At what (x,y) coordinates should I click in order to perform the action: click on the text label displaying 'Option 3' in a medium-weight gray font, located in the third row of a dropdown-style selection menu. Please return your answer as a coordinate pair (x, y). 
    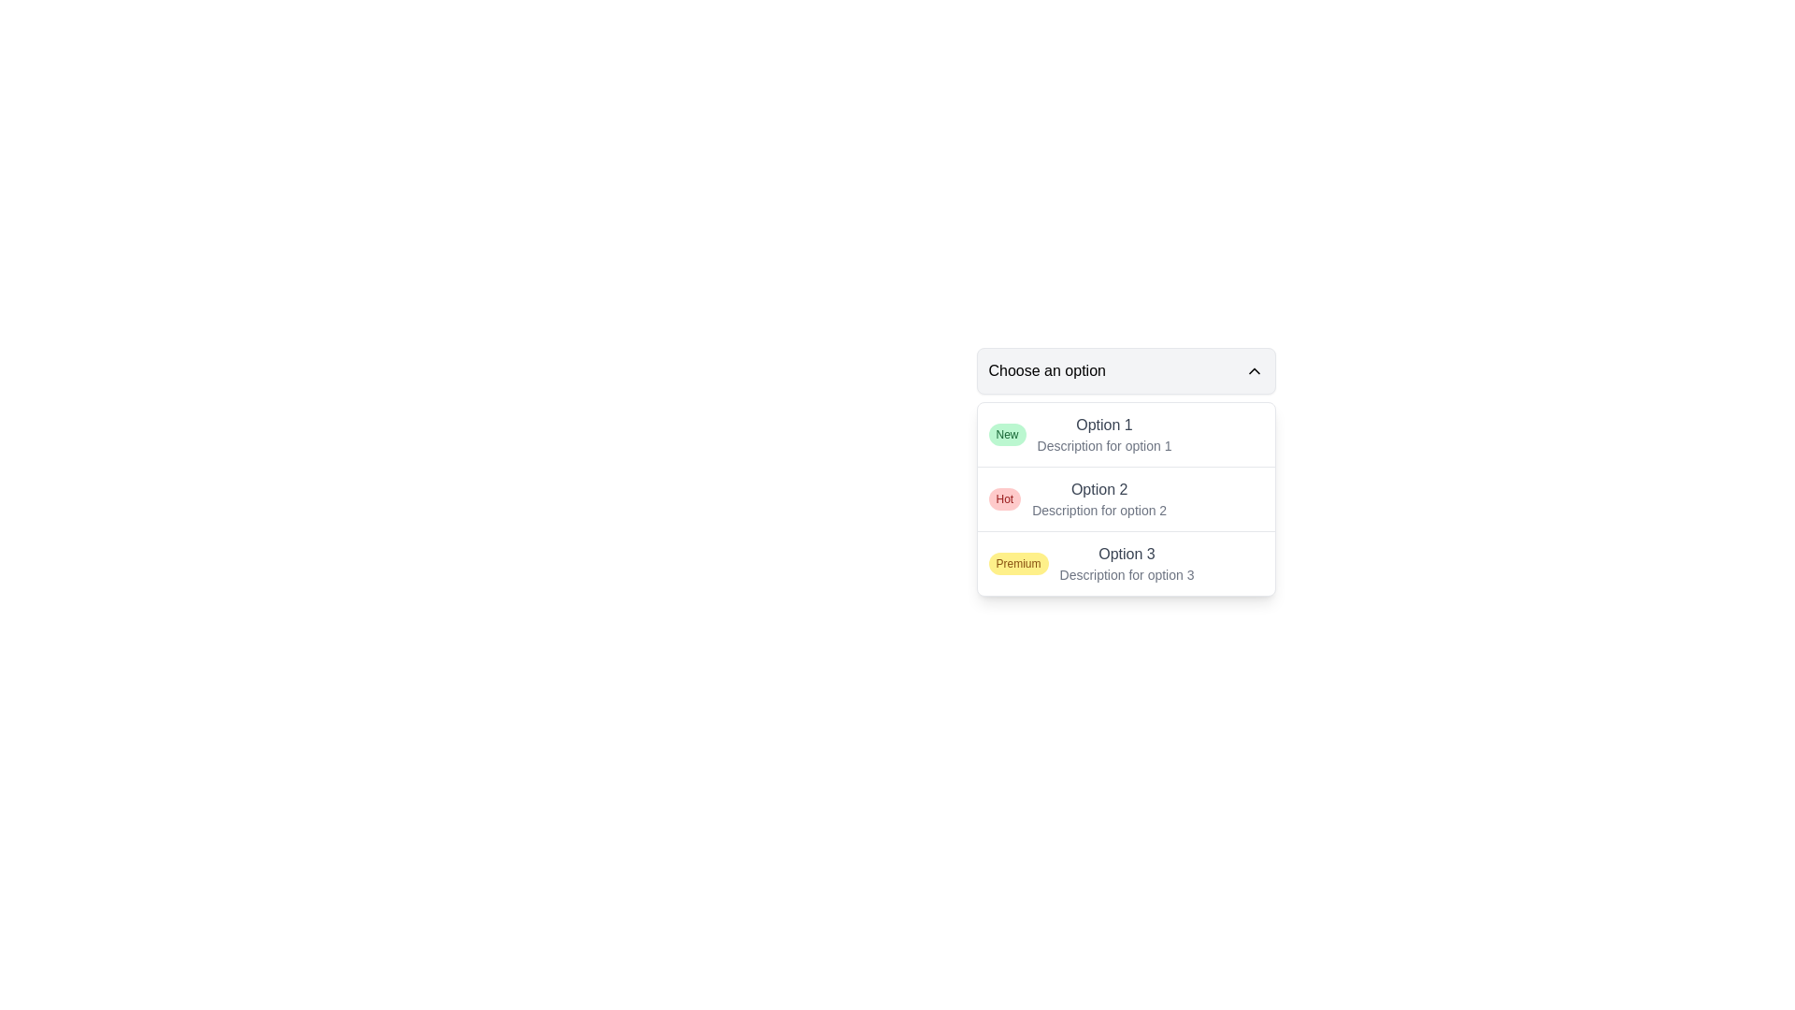
    Looking at the image, I should click on (1126, 554).